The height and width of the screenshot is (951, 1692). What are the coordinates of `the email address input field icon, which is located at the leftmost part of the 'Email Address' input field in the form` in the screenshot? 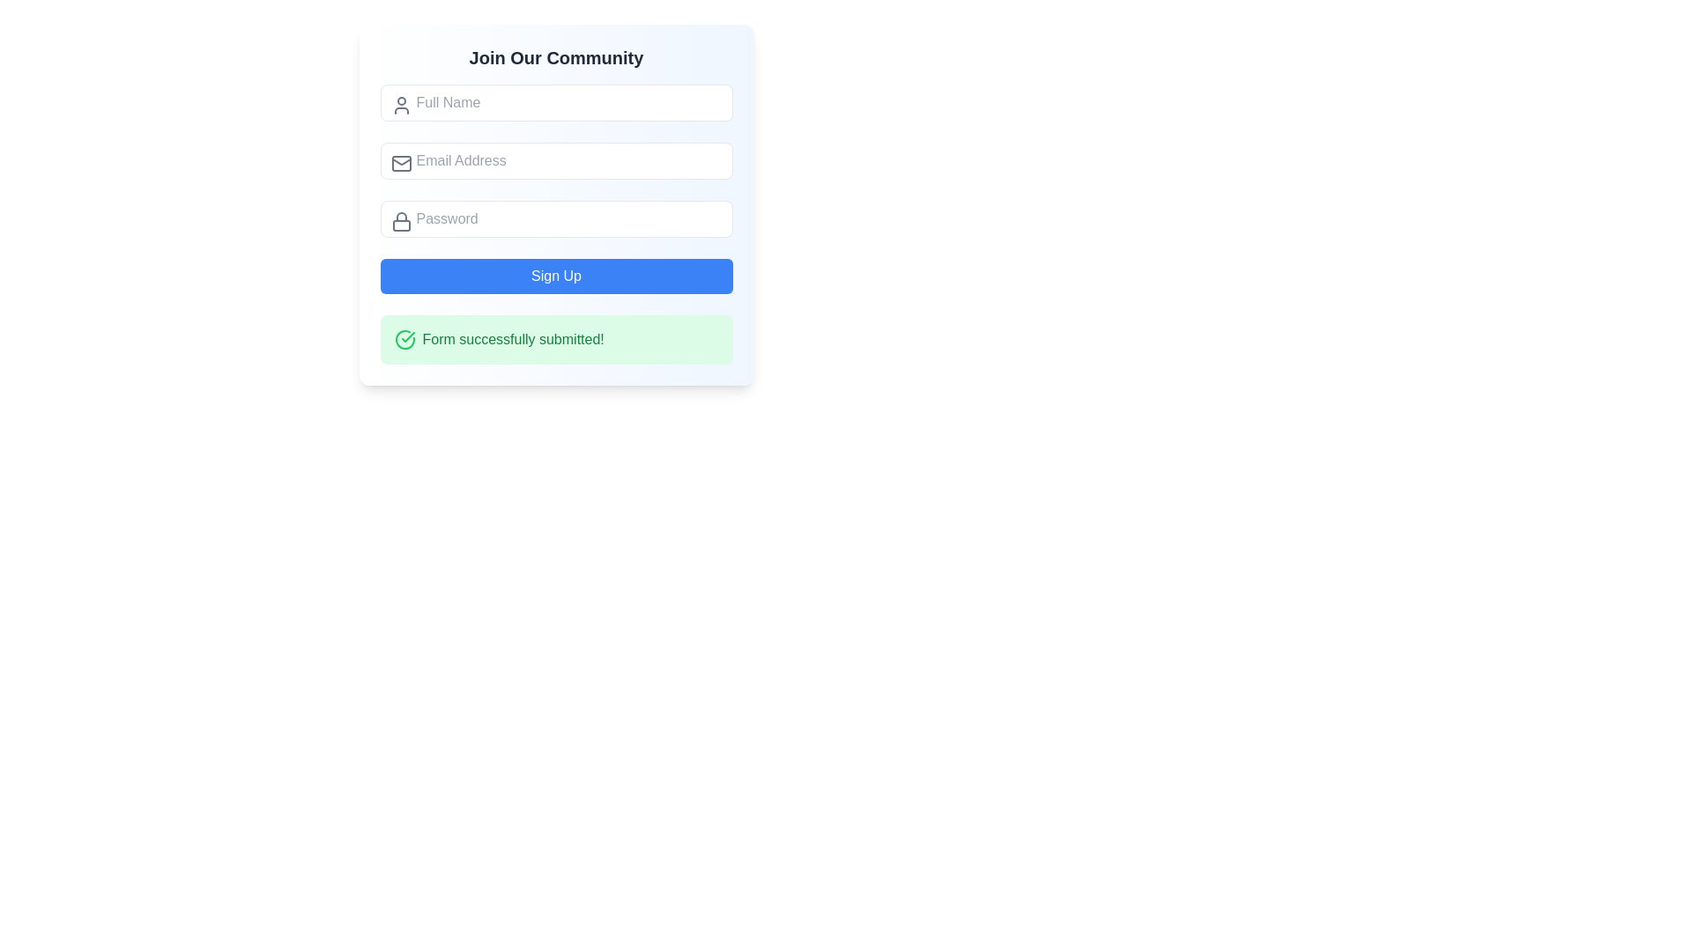 It's located at (400, 163).